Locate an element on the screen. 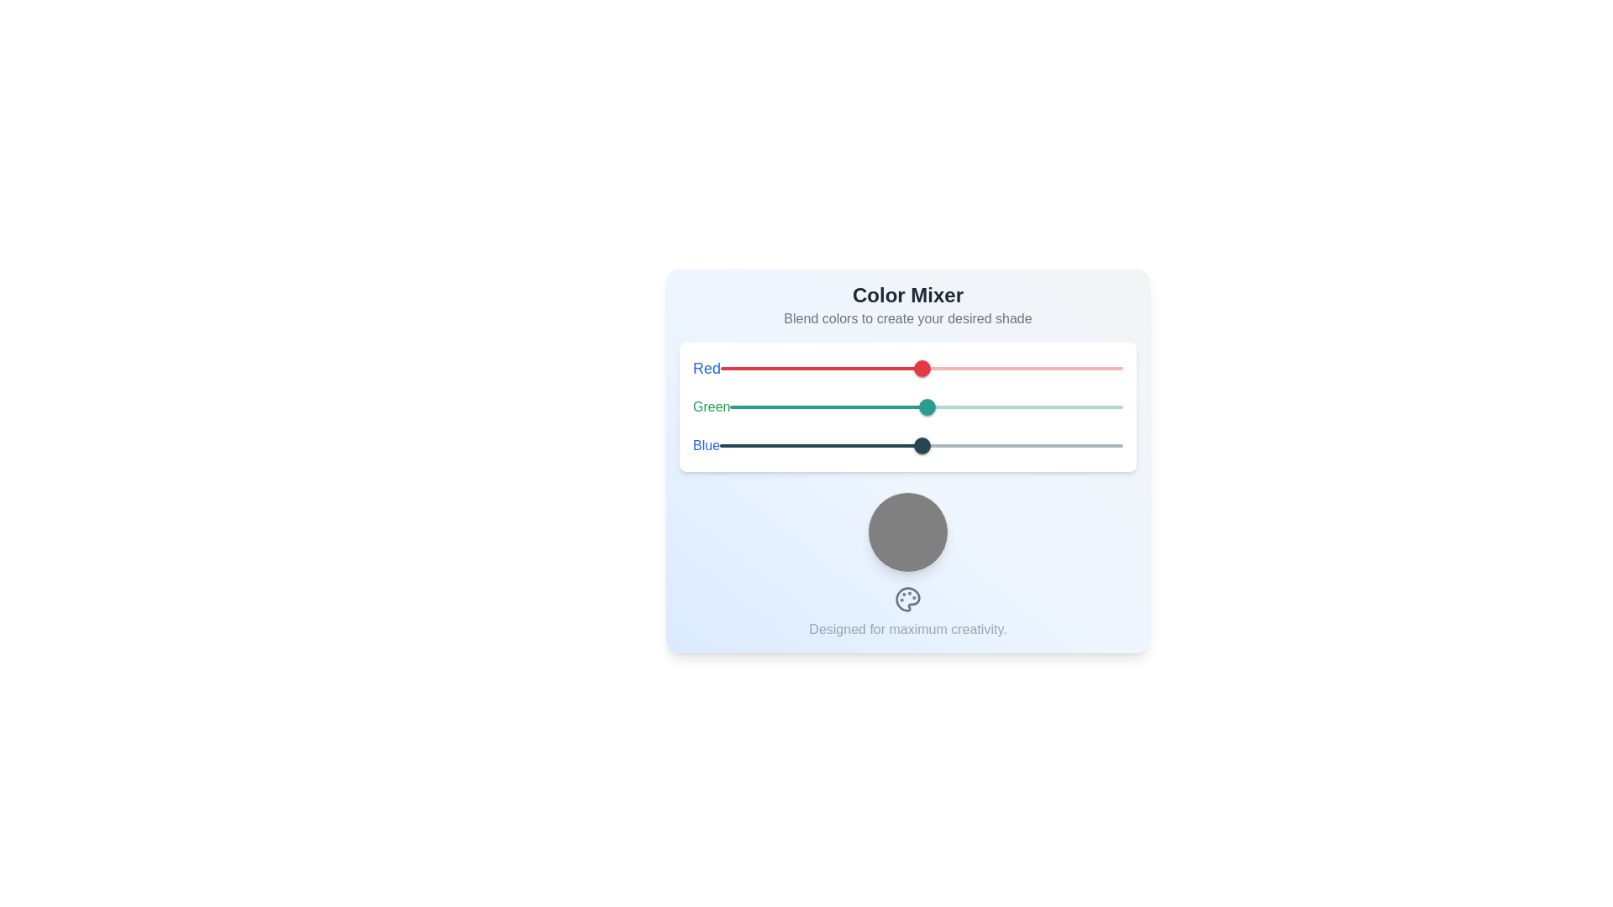 The width and height of the screenshot is (1613, 907). the Blue channel is located at coordinates (853, 445).